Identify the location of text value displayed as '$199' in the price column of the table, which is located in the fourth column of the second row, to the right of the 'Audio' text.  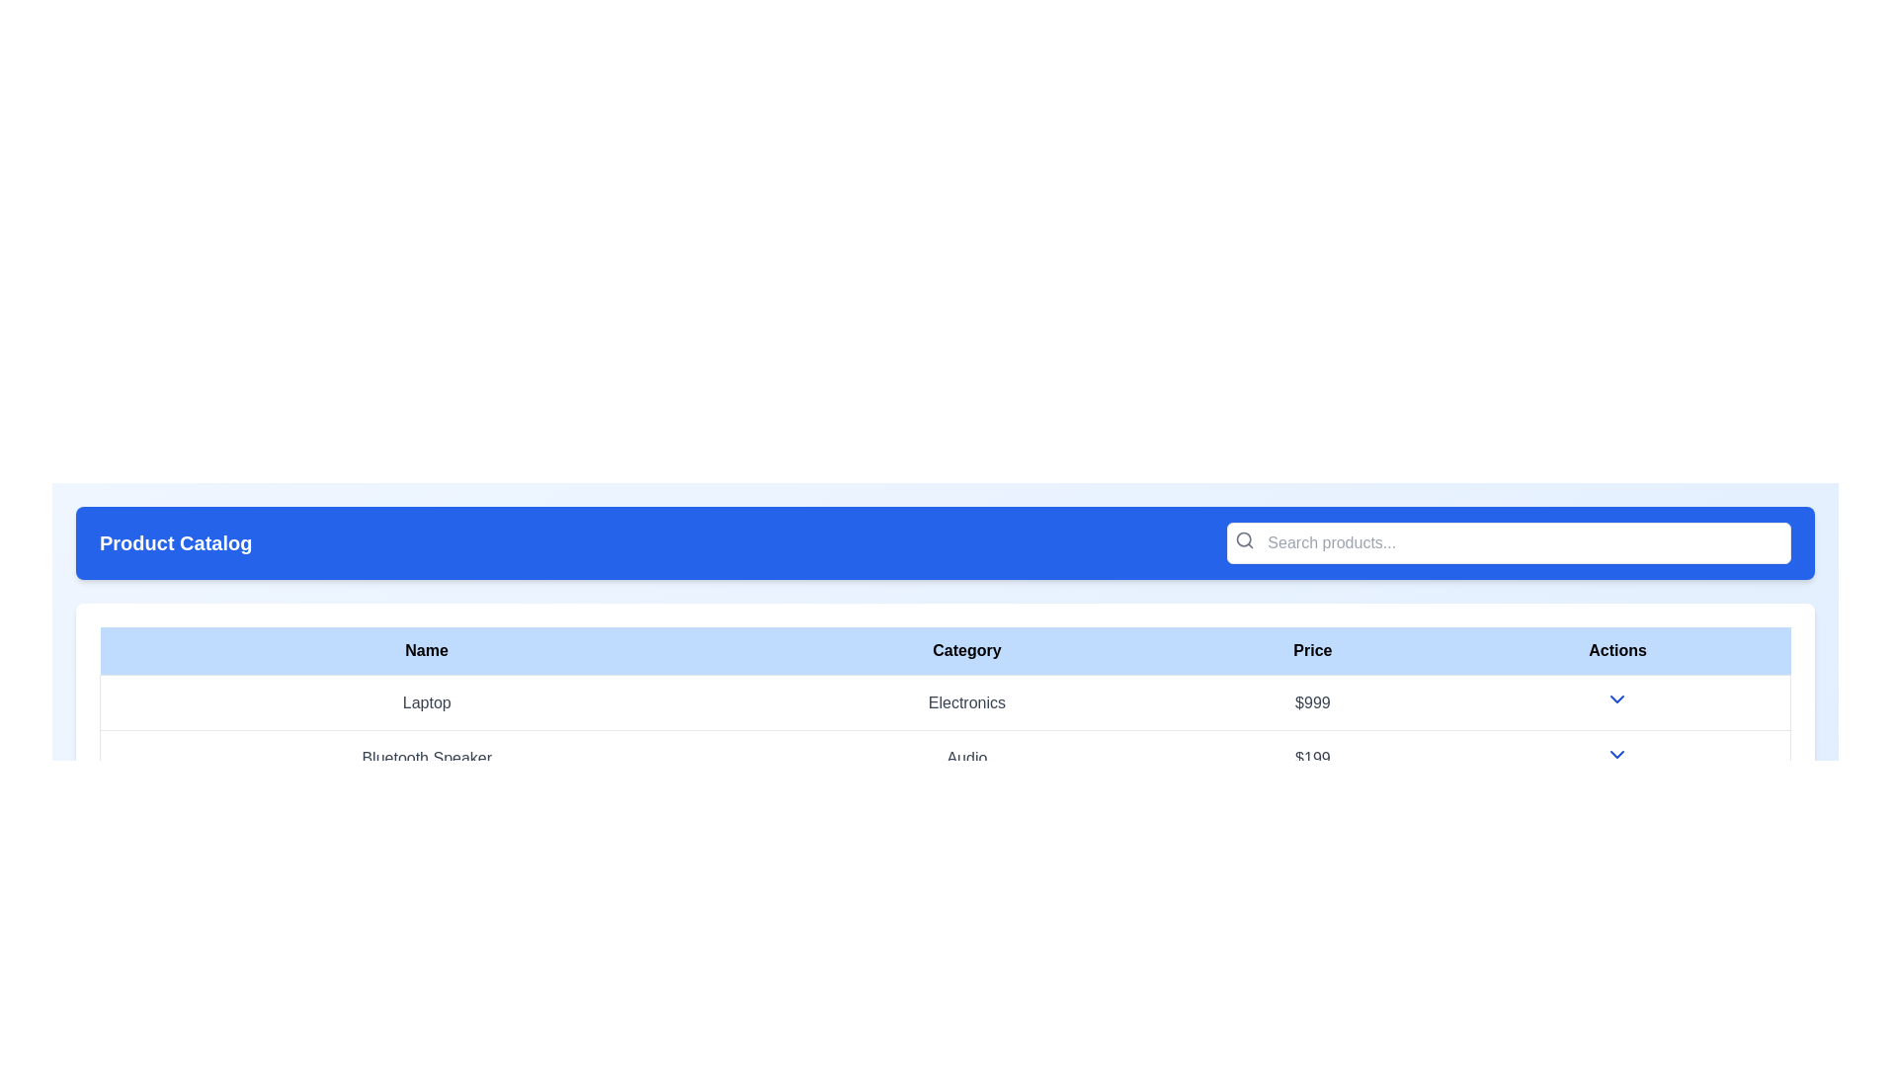
(1312, 757).